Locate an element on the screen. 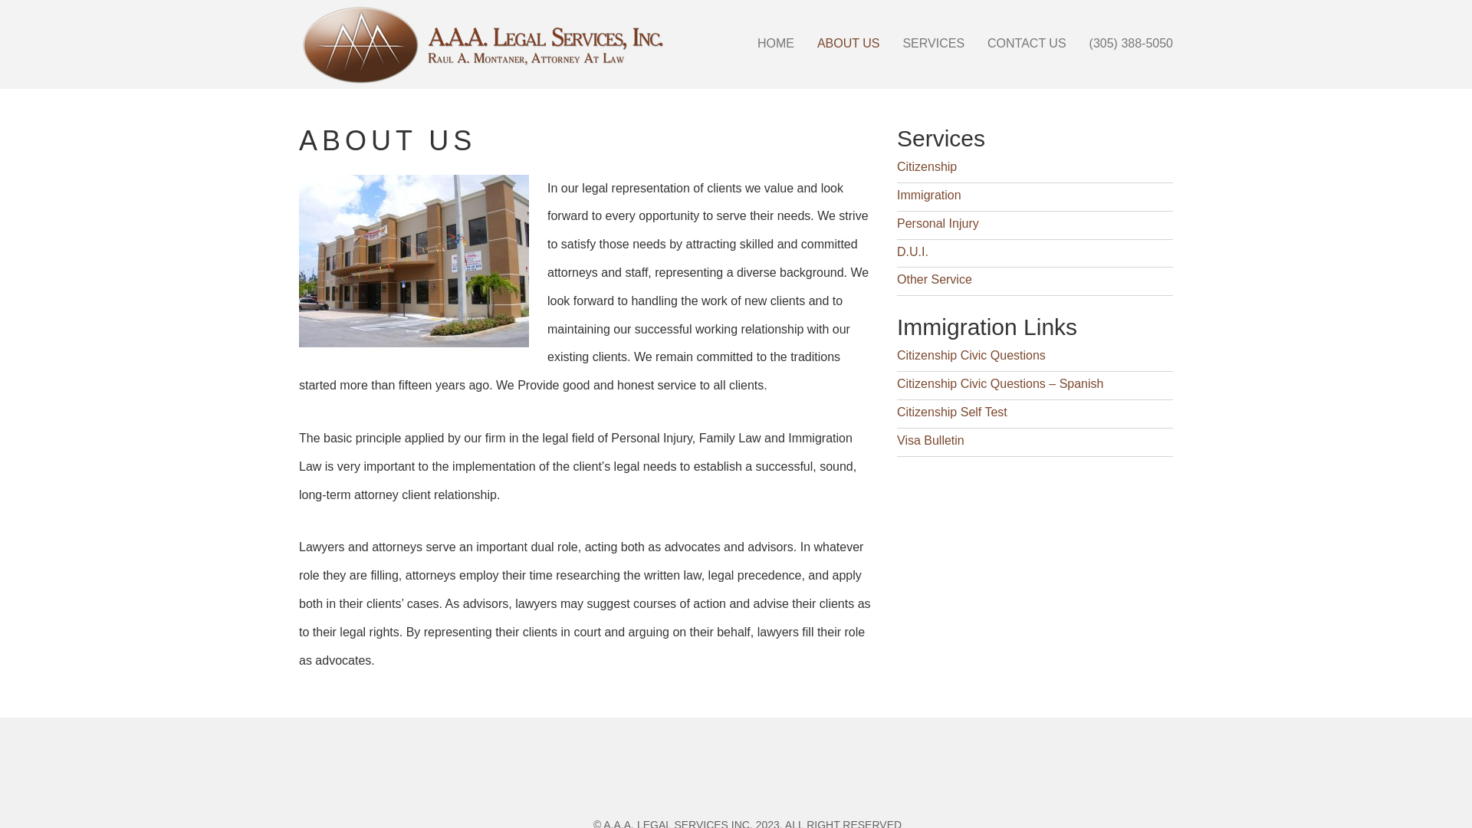 The width and height of the screenshot is (1472, 828). 'Visa Bulletin' is located at coordinates (897, 440).